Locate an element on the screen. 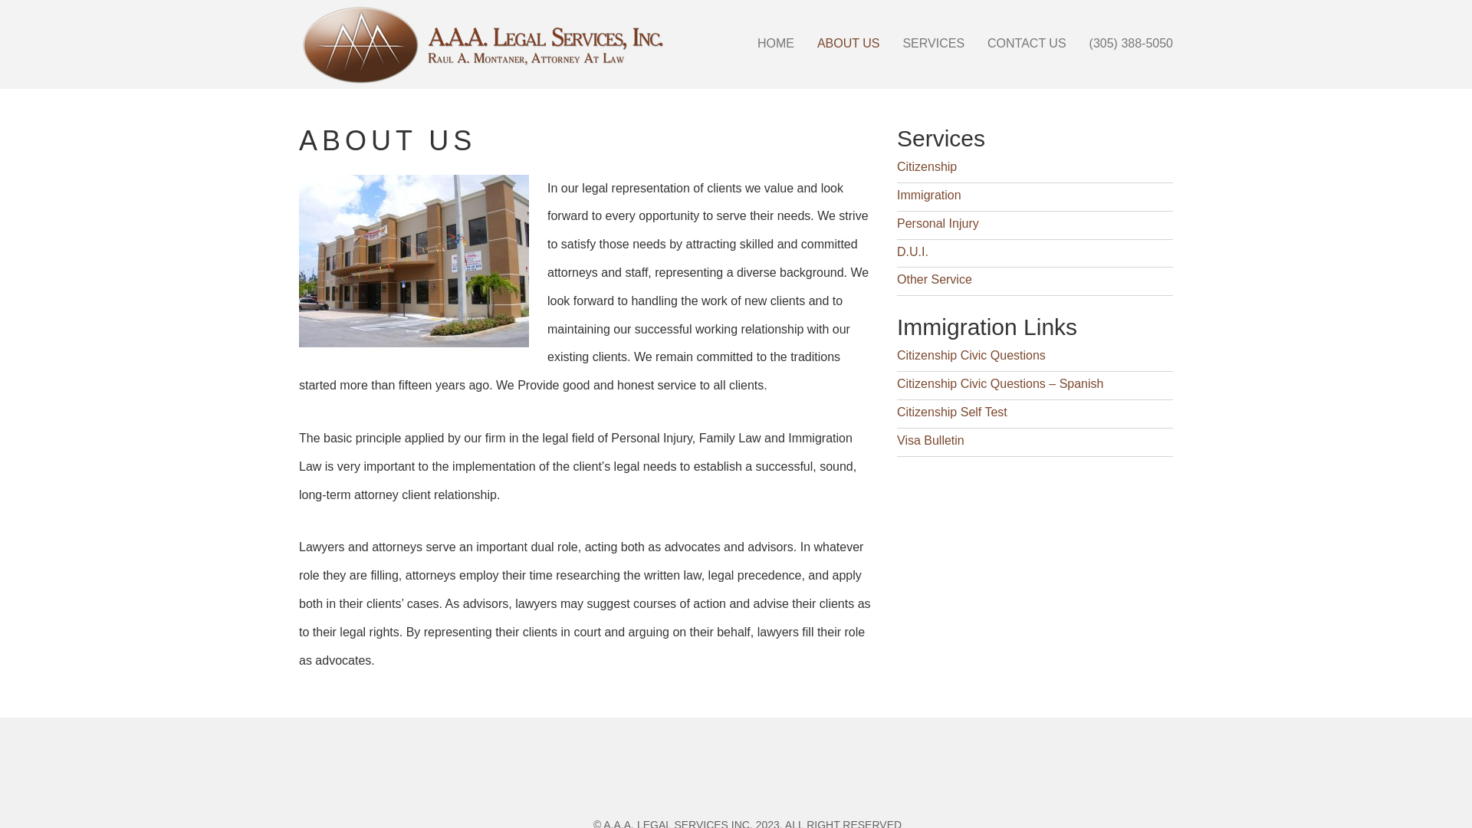 The width and height of the screenshot is (1472, 828). 'Visa Bulletin' is located at coordinates (897, 440).